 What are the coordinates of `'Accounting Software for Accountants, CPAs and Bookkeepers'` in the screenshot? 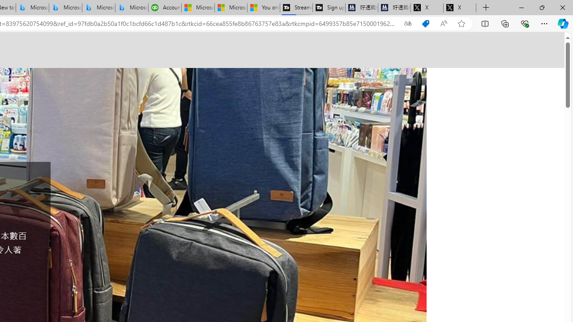 It's located at (165, 8).